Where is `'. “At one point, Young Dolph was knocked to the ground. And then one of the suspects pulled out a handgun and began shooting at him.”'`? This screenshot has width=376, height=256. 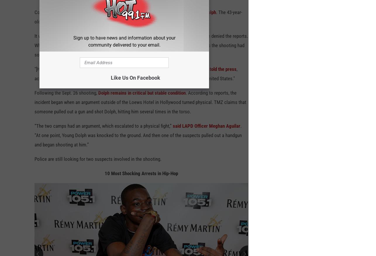
'. “At one point, Young Dolph was knocked to the ground. And then one of the suspects pulled out a handgun and began shooting at him.”' is located at coordinates (138, 137).